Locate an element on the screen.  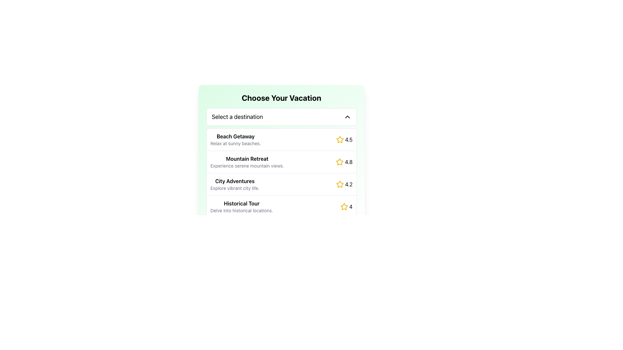
the star icon that indicates a rating for the 'Historical Tour' list item in the fourth row of the rating section is located at coordinates (344, 206).